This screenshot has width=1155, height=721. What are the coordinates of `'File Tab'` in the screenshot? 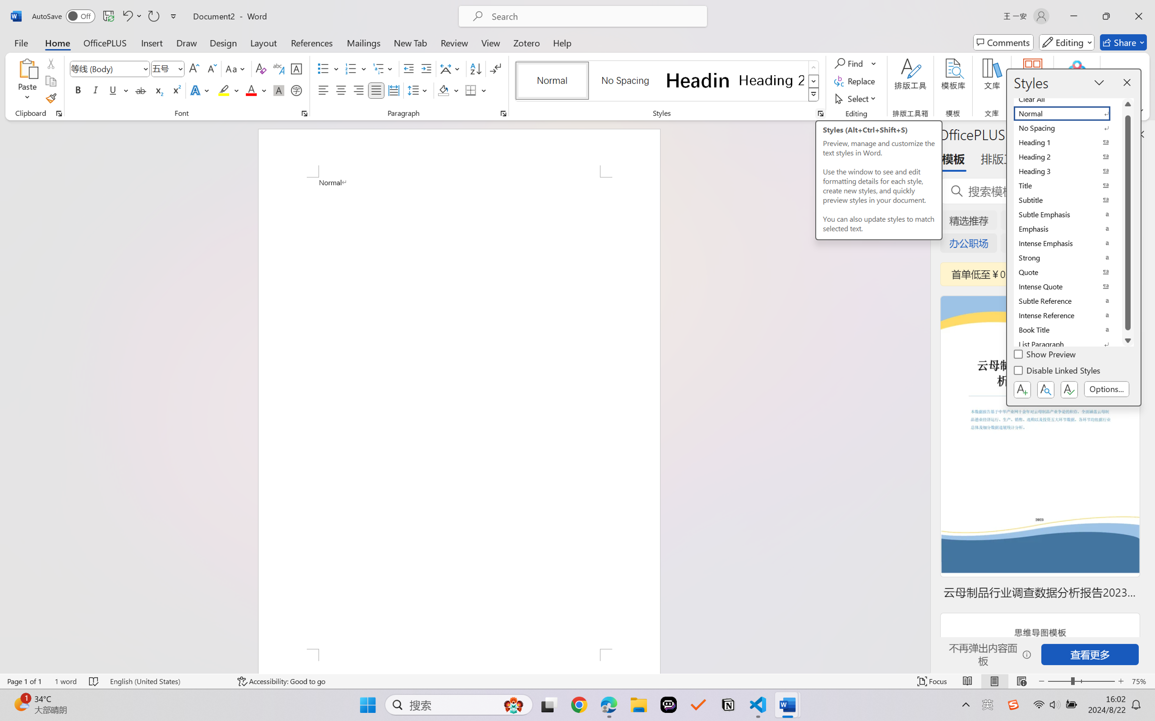 It's located at (21, 42).